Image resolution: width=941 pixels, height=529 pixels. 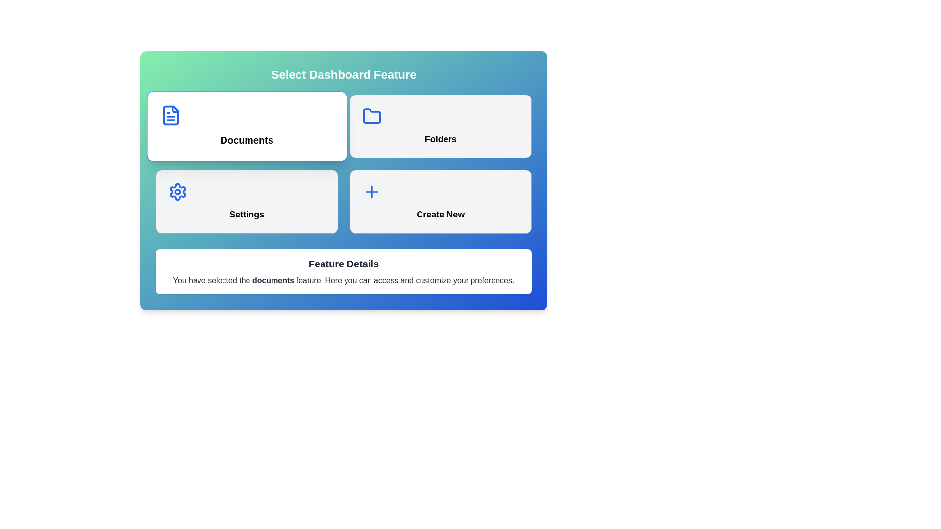 What do you see at coordinates (178, 192) in the screenshot?
I see `the settings icon` at bounding box center [178, 192].